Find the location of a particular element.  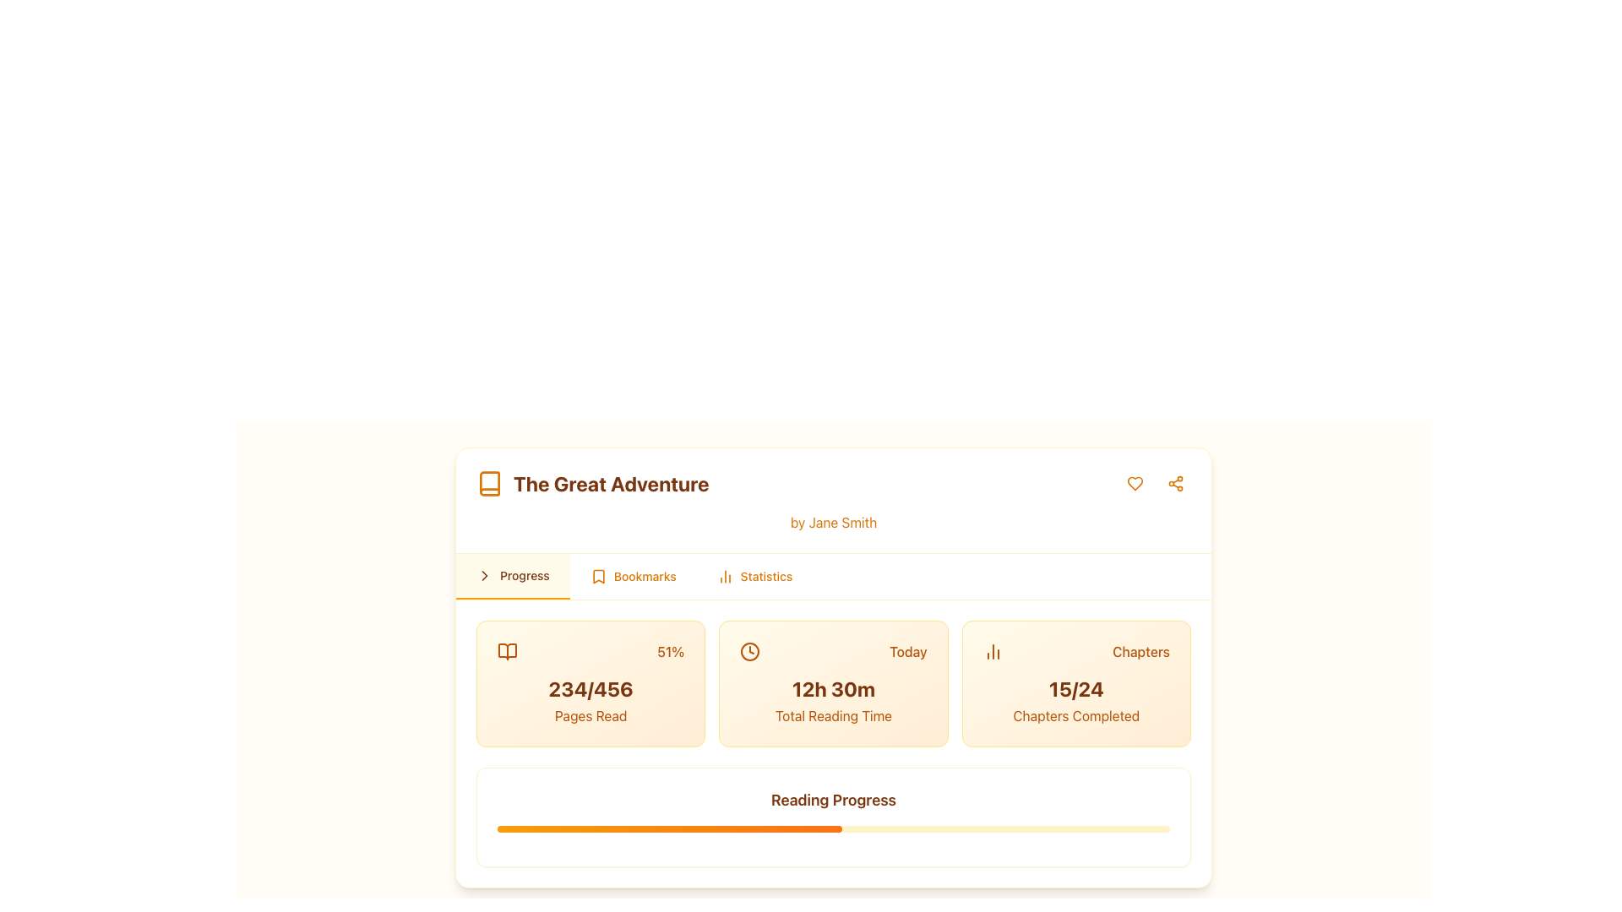

the small right-pointing chevron or arrow indicator located in the upper-right portion of the card displaying the book details is located at coordinates (484, 575).